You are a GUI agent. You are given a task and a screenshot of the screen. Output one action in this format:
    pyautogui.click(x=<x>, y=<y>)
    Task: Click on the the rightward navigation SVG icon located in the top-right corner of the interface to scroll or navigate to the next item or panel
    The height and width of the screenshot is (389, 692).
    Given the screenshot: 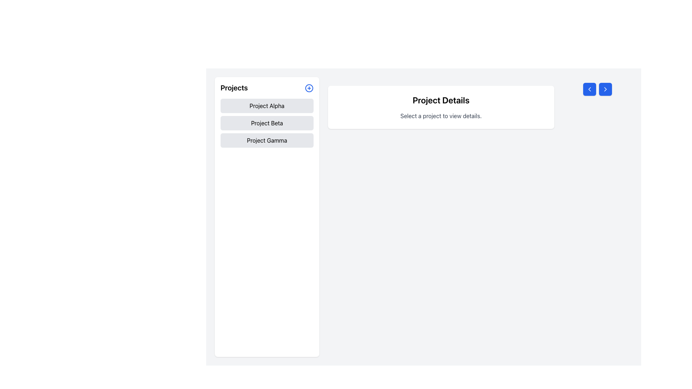 What is the action you would take?
    pyautogui.click(x=605, y=89)
    